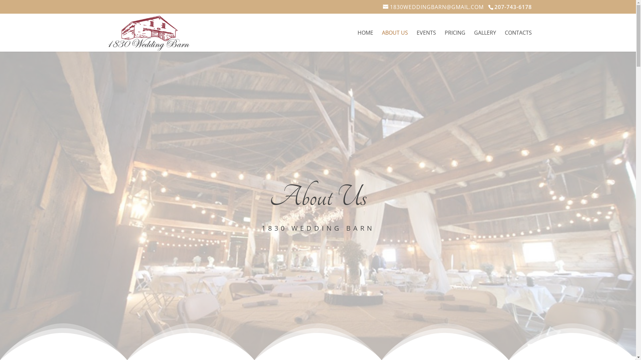  What do you see at coordinates (365, 41) in the screenshot?
I see `'HOME'` at bounding box center [365, 41].